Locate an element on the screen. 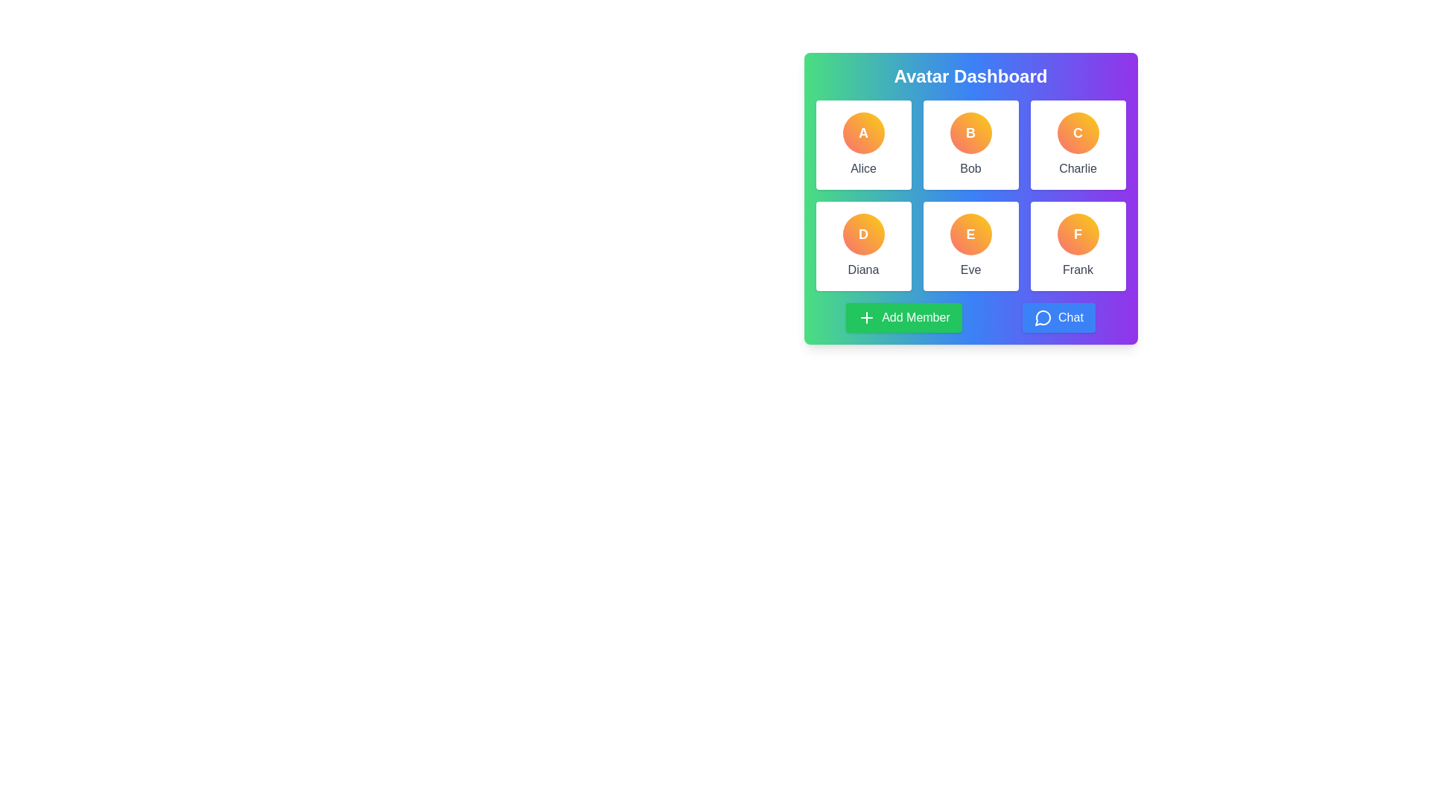  text label displaying 'Charlie' located beneath the orange circular icon with the letter 'C' in the Avatar Dashboard interface is located at coordinates (1078, 168).